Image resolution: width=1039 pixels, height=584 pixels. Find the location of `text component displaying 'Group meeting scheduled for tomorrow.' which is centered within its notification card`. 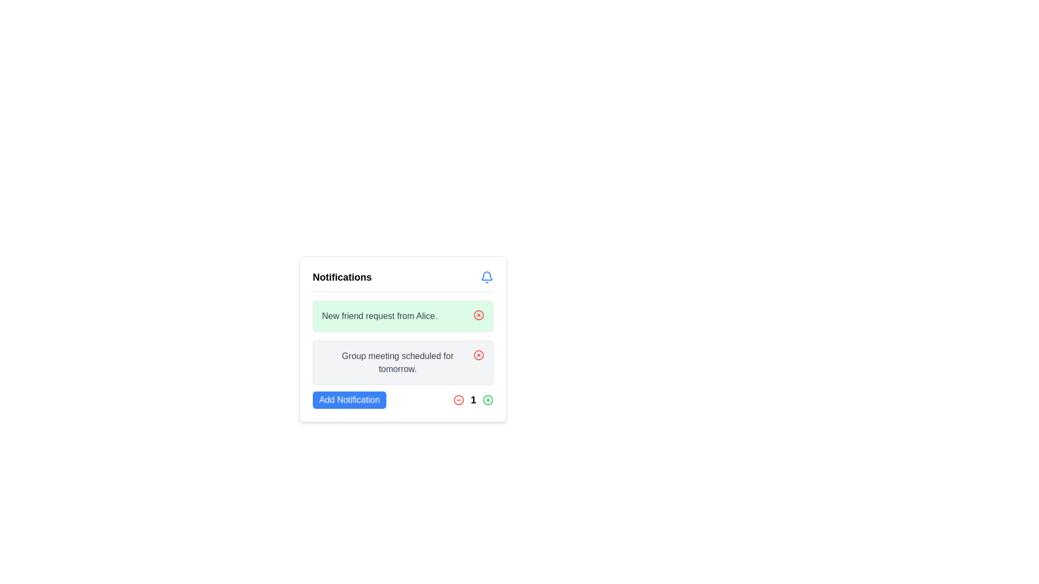

text component displaying 'Group meeting scheduled for tomorrow.' which is centered within its notification card is located at coordinates (397, 363).